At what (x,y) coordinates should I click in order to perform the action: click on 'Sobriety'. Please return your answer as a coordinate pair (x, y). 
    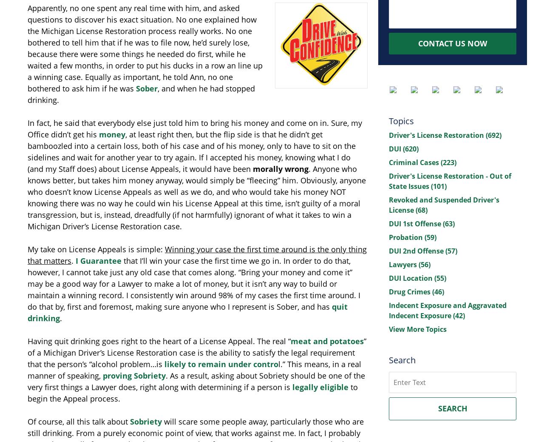
    Looking at the image, I should click on (146, 421).